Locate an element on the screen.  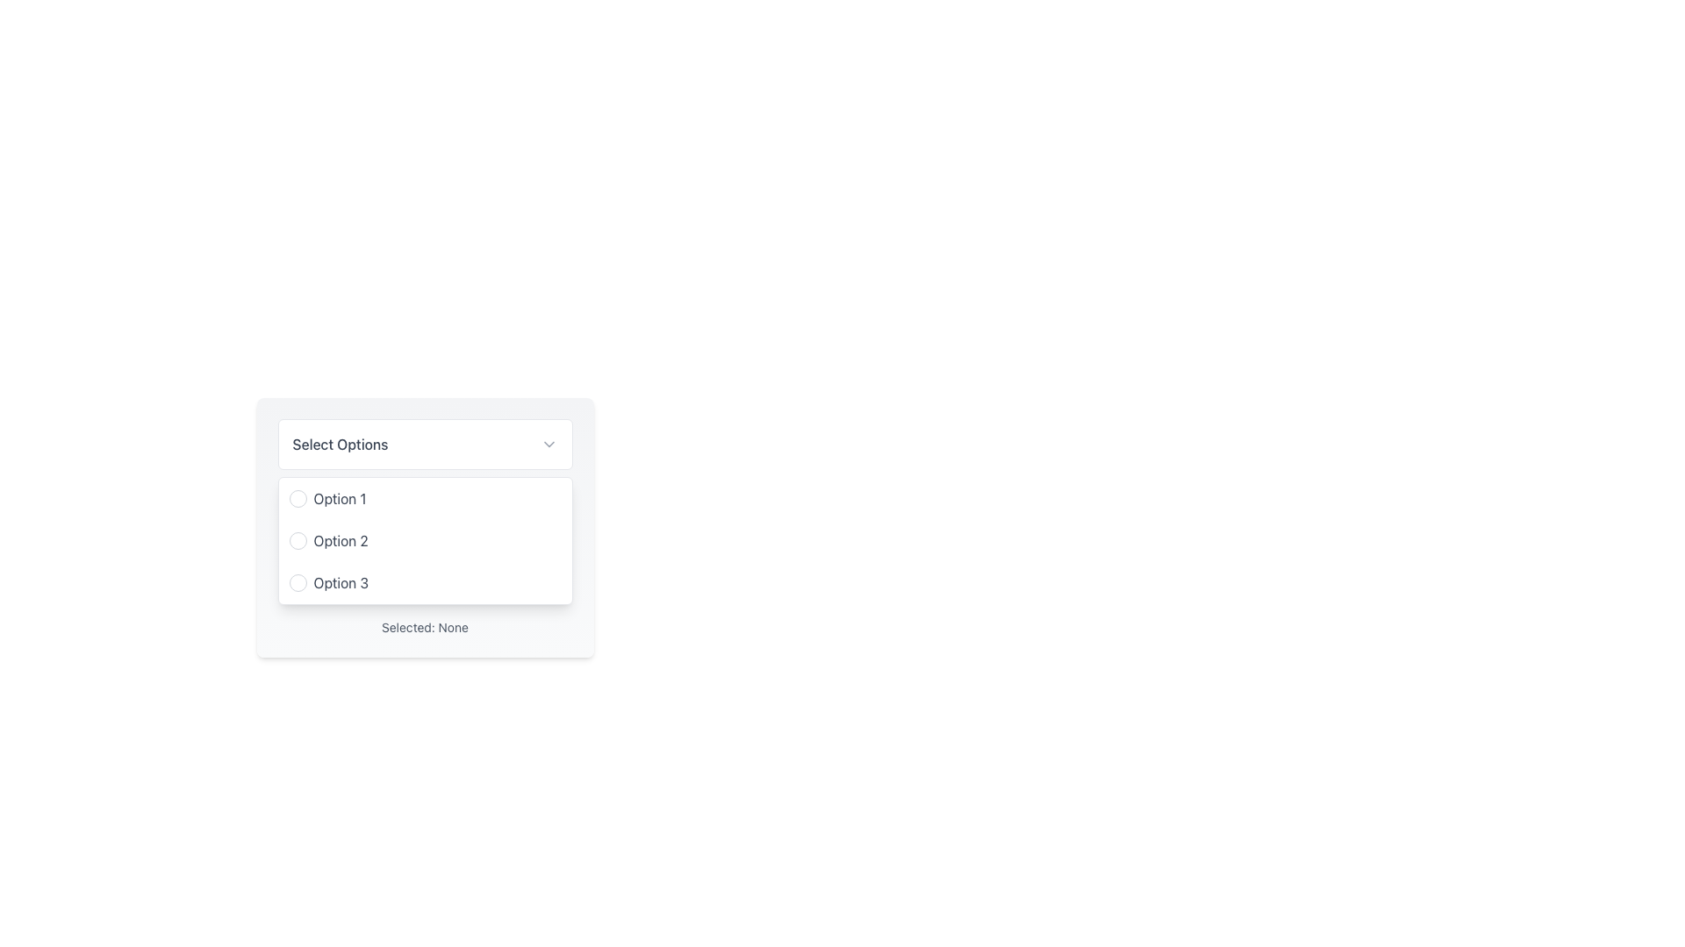
the radio button is located at coordinates (298, 499).